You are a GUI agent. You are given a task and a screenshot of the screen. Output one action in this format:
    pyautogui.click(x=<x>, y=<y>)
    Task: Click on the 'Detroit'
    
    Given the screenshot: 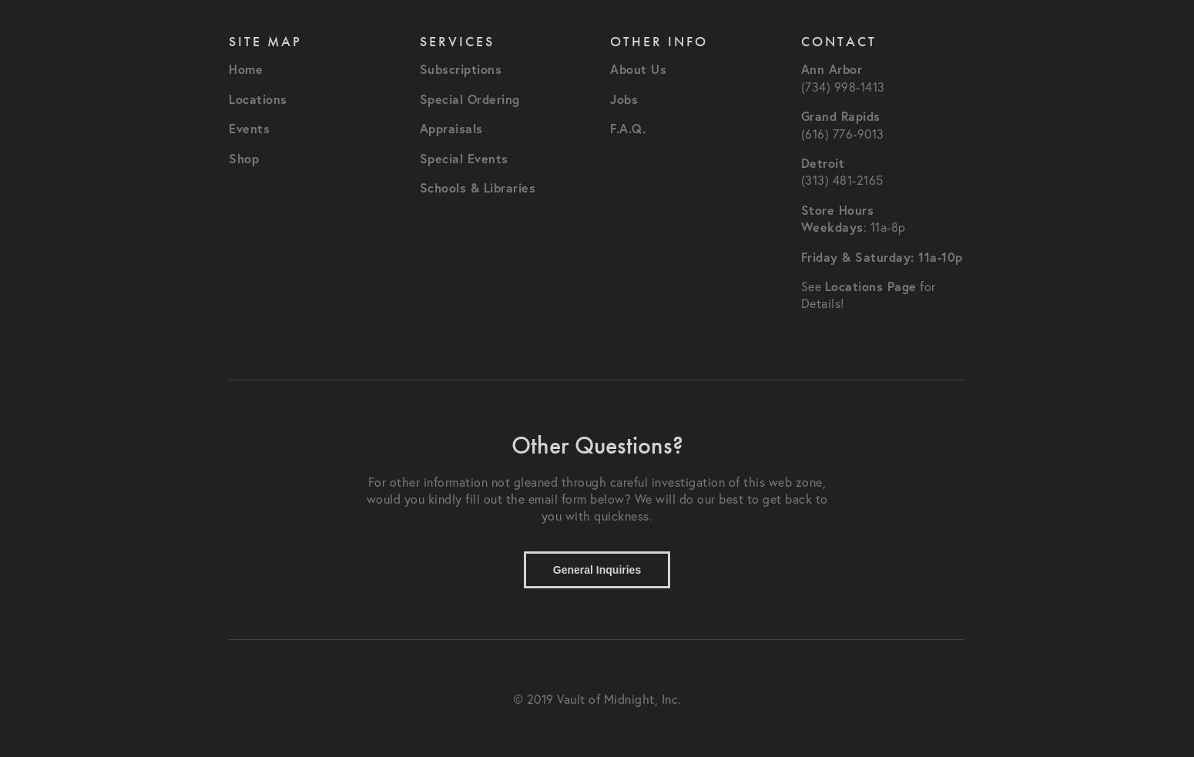 What is the action you would take?
    pyautogui.click(x=822, y=162)
    